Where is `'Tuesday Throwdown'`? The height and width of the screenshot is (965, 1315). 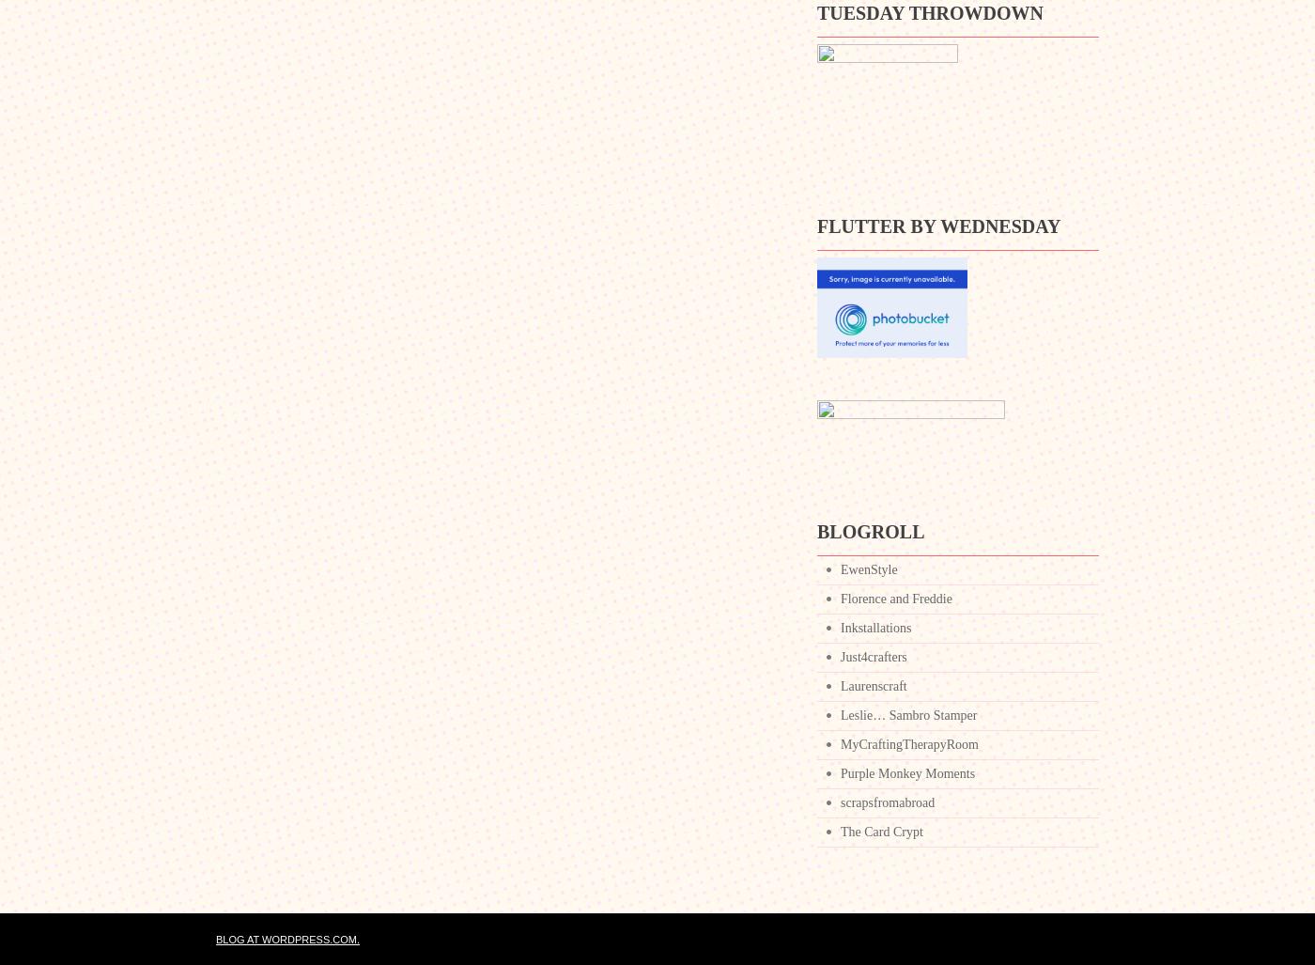
'Tuesday Throwdown' is located at coordinates (929, 12).